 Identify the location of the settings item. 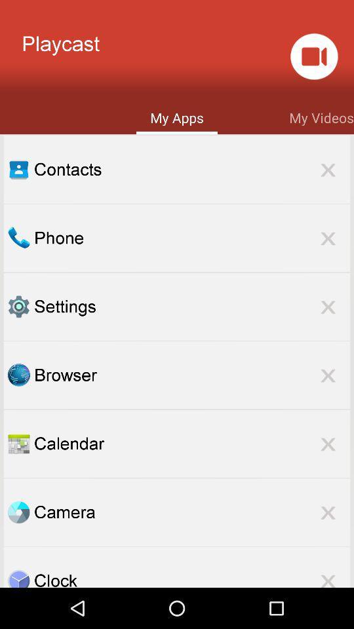
(191, 307).